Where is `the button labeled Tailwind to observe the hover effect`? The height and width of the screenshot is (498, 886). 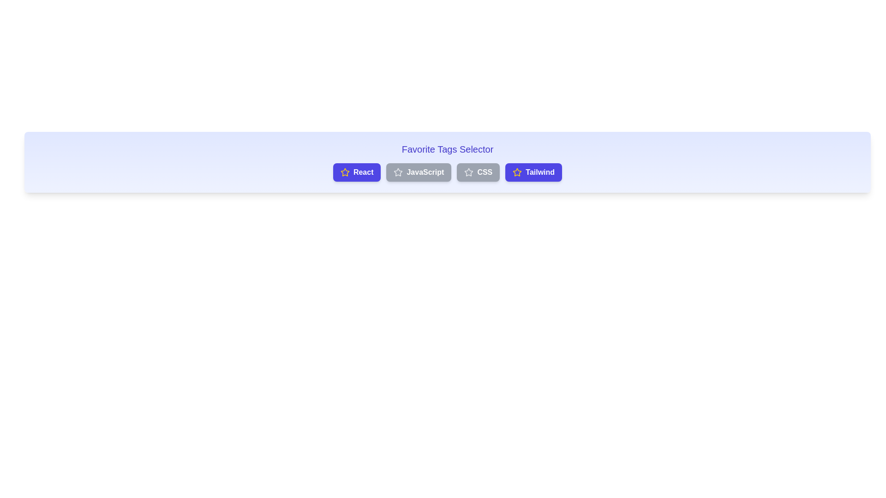
the button labeled Tailwind to observe the hover effect is located at coordinates (533, 172).